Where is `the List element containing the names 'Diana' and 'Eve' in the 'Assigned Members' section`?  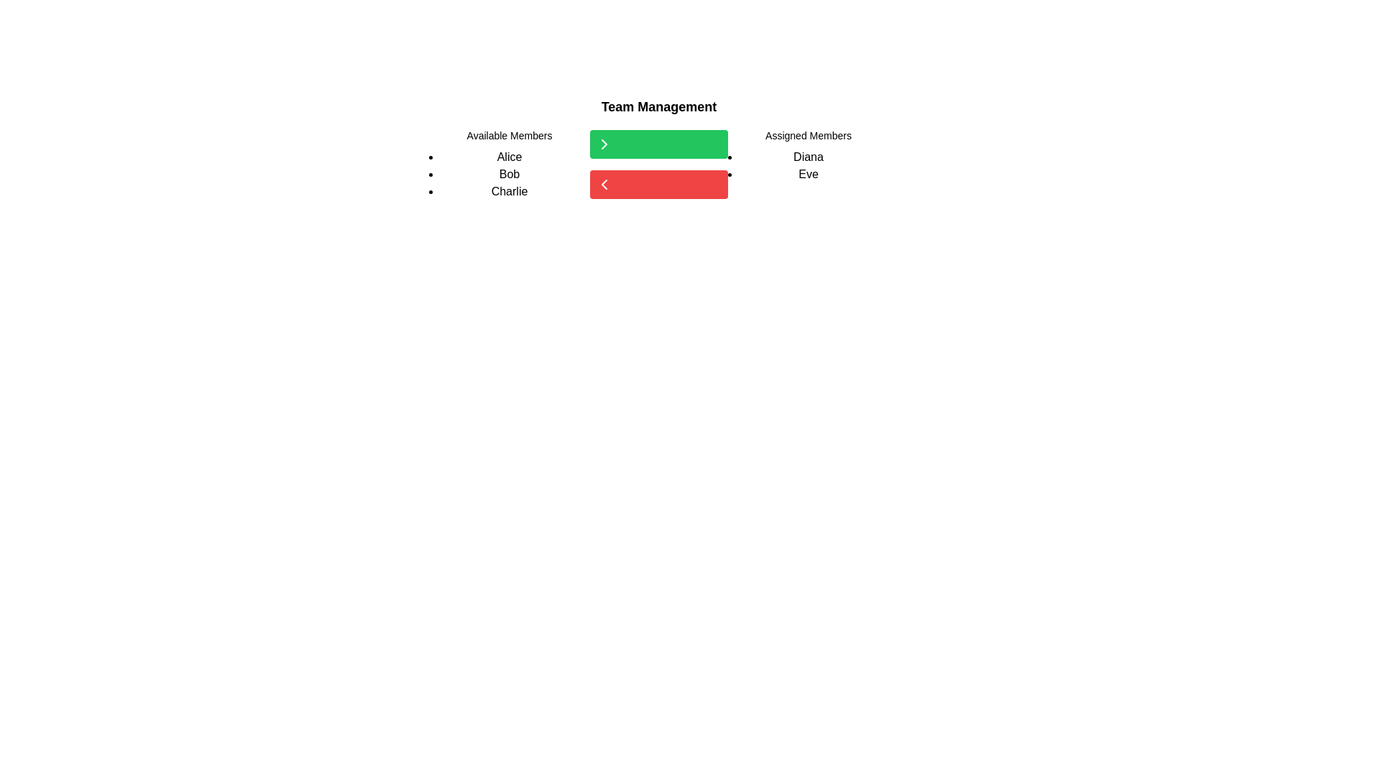 the List element containing the names 'Diana' and 'Eve' in the 'Assigned Members' section is located at coordinates (808, 165).